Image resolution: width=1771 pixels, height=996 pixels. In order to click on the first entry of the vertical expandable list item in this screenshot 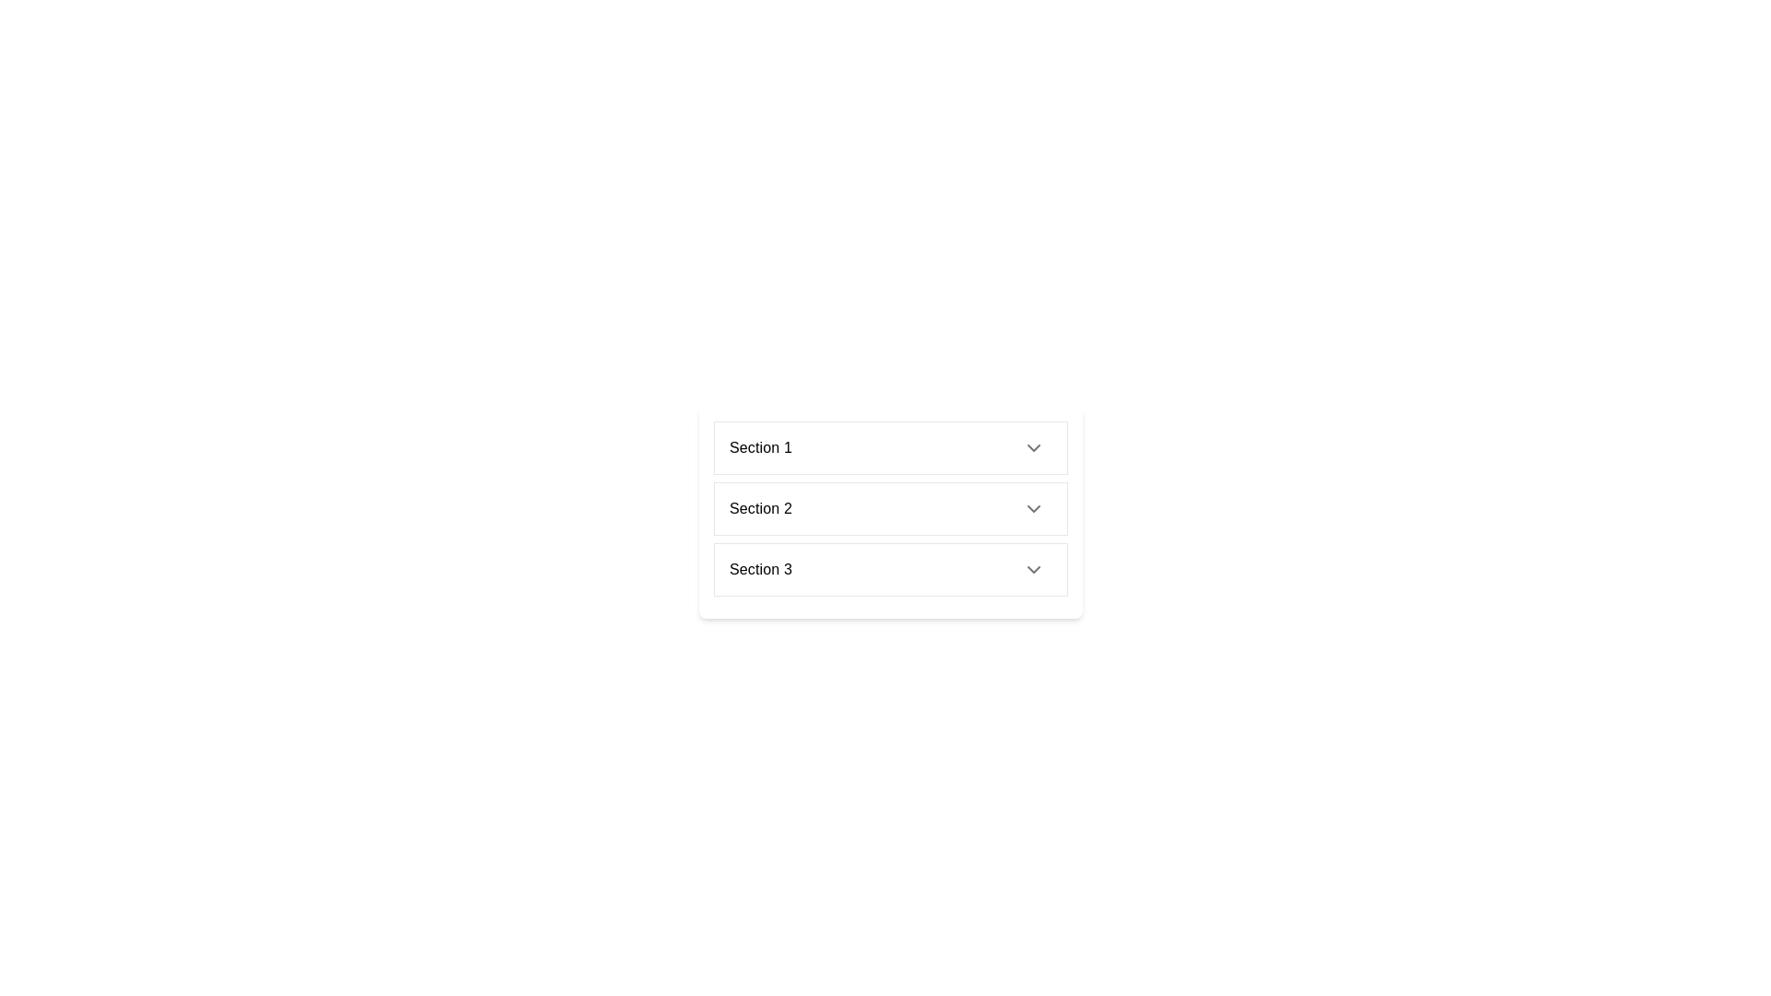, I will do `click(890, 451)`.